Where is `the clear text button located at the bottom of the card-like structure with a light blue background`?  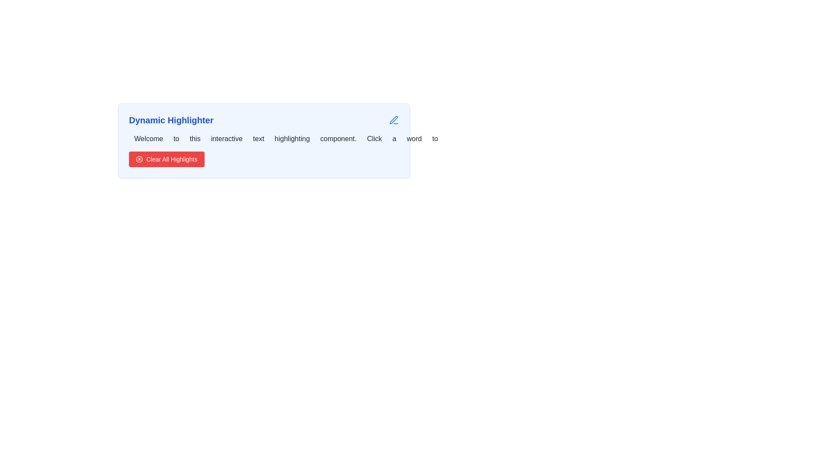
the clear text button located at the bottom of the card-like structure with a light blue background is located at coordinates (166, 159).